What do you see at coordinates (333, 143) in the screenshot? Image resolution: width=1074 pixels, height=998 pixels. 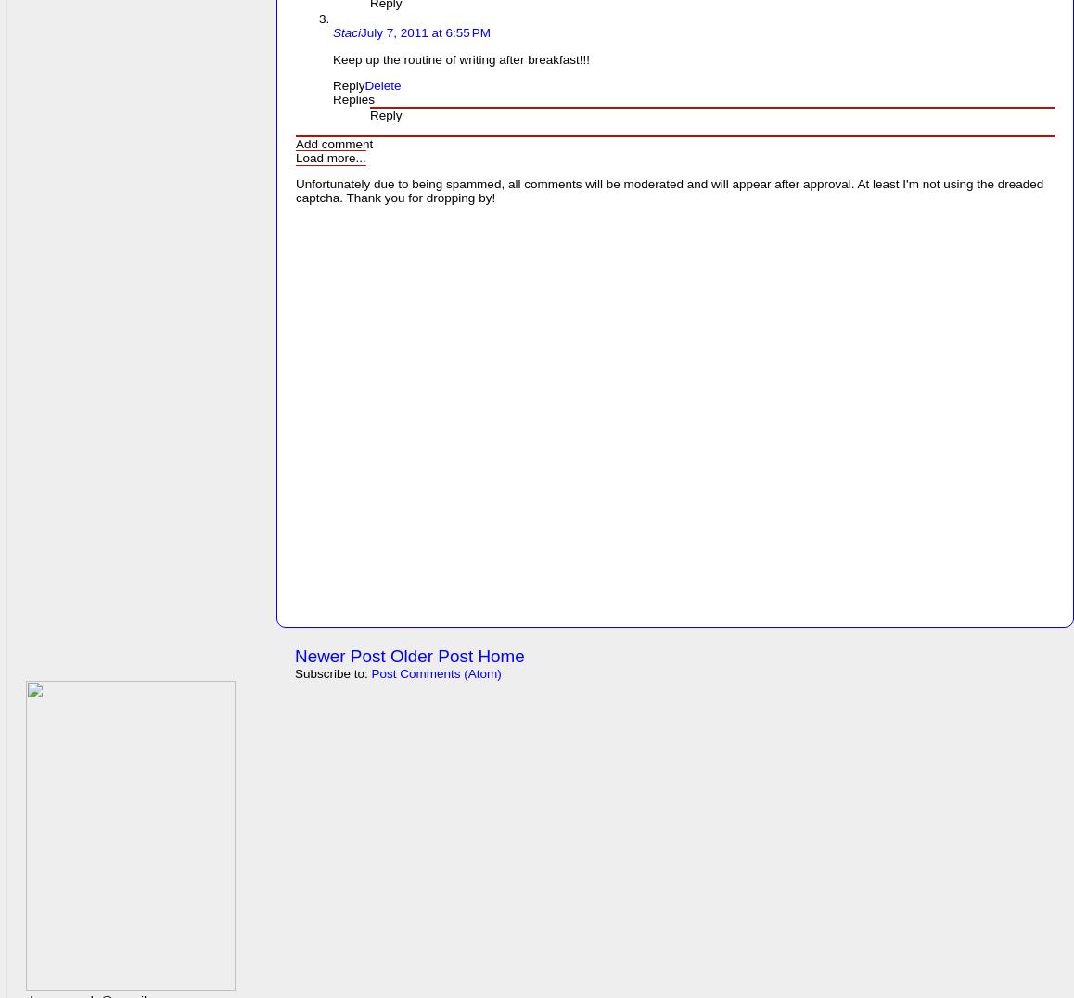 I see `'Add comment'` at bounding box center [333, 143].